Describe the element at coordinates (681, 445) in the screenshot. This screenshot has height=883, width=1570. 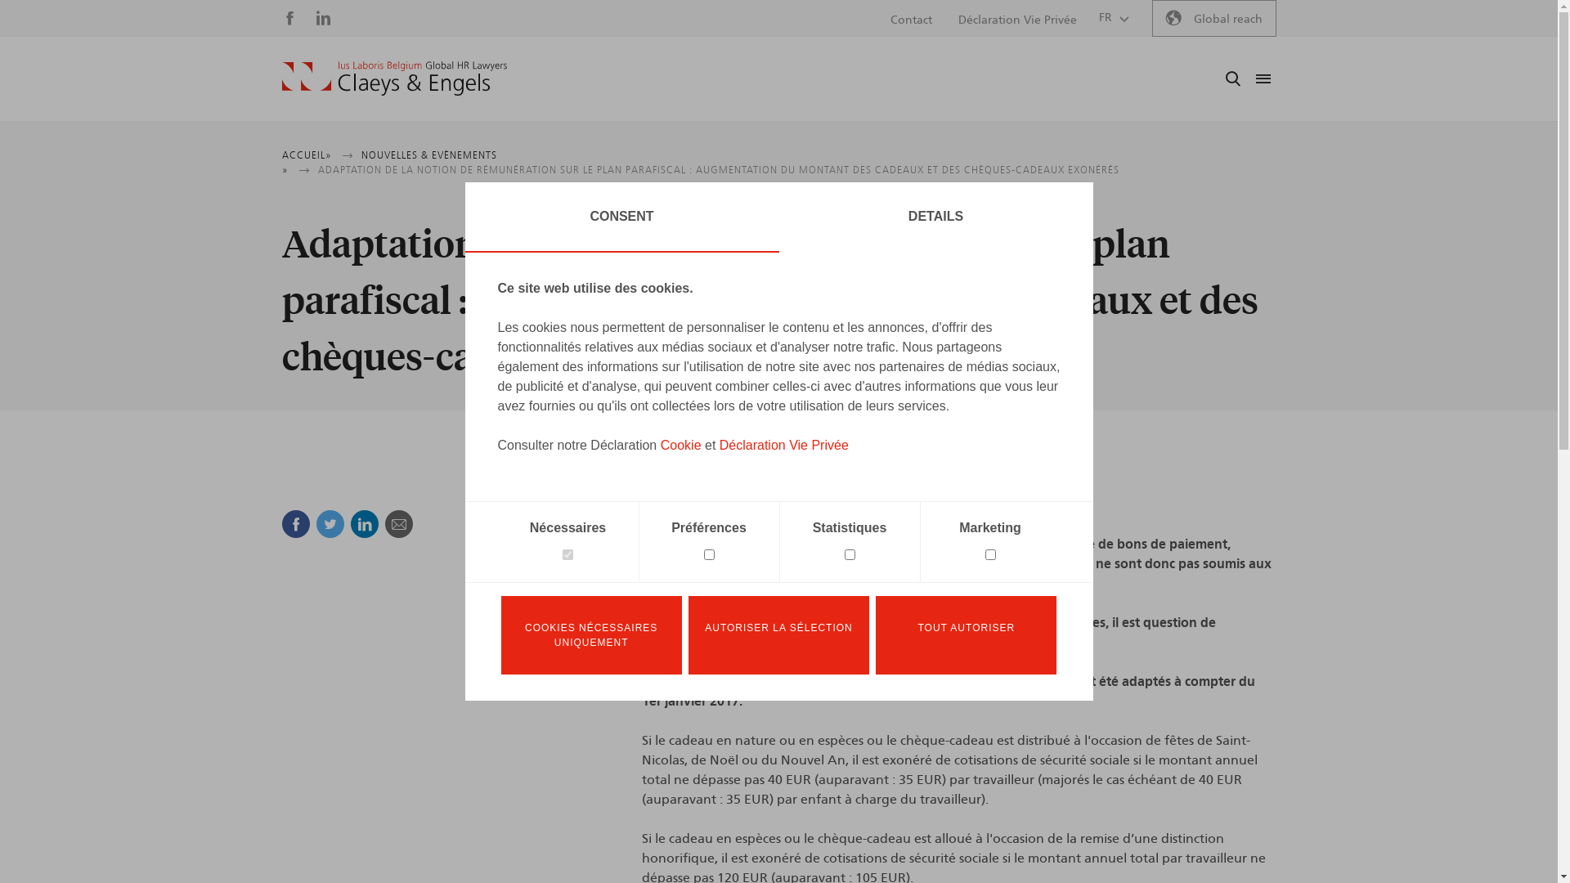
I see `'Cookie'` at that location.